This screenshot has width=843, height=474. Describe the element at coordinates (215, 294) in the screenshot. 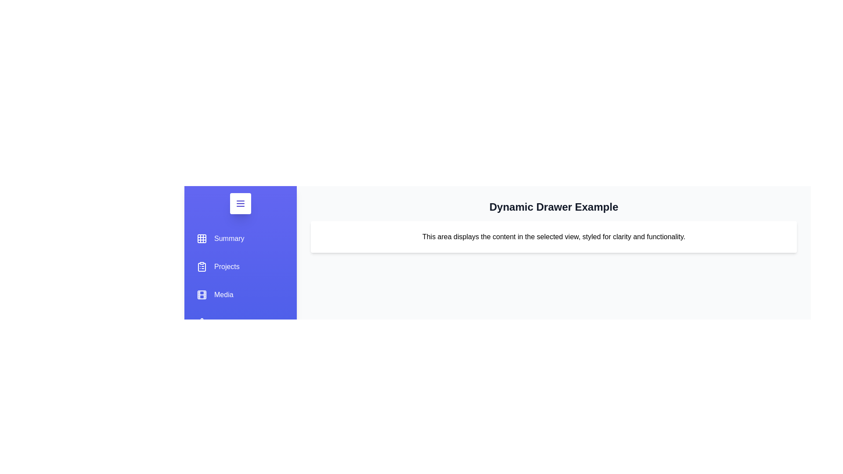

I see `the section button corresponding to Media` at that location.